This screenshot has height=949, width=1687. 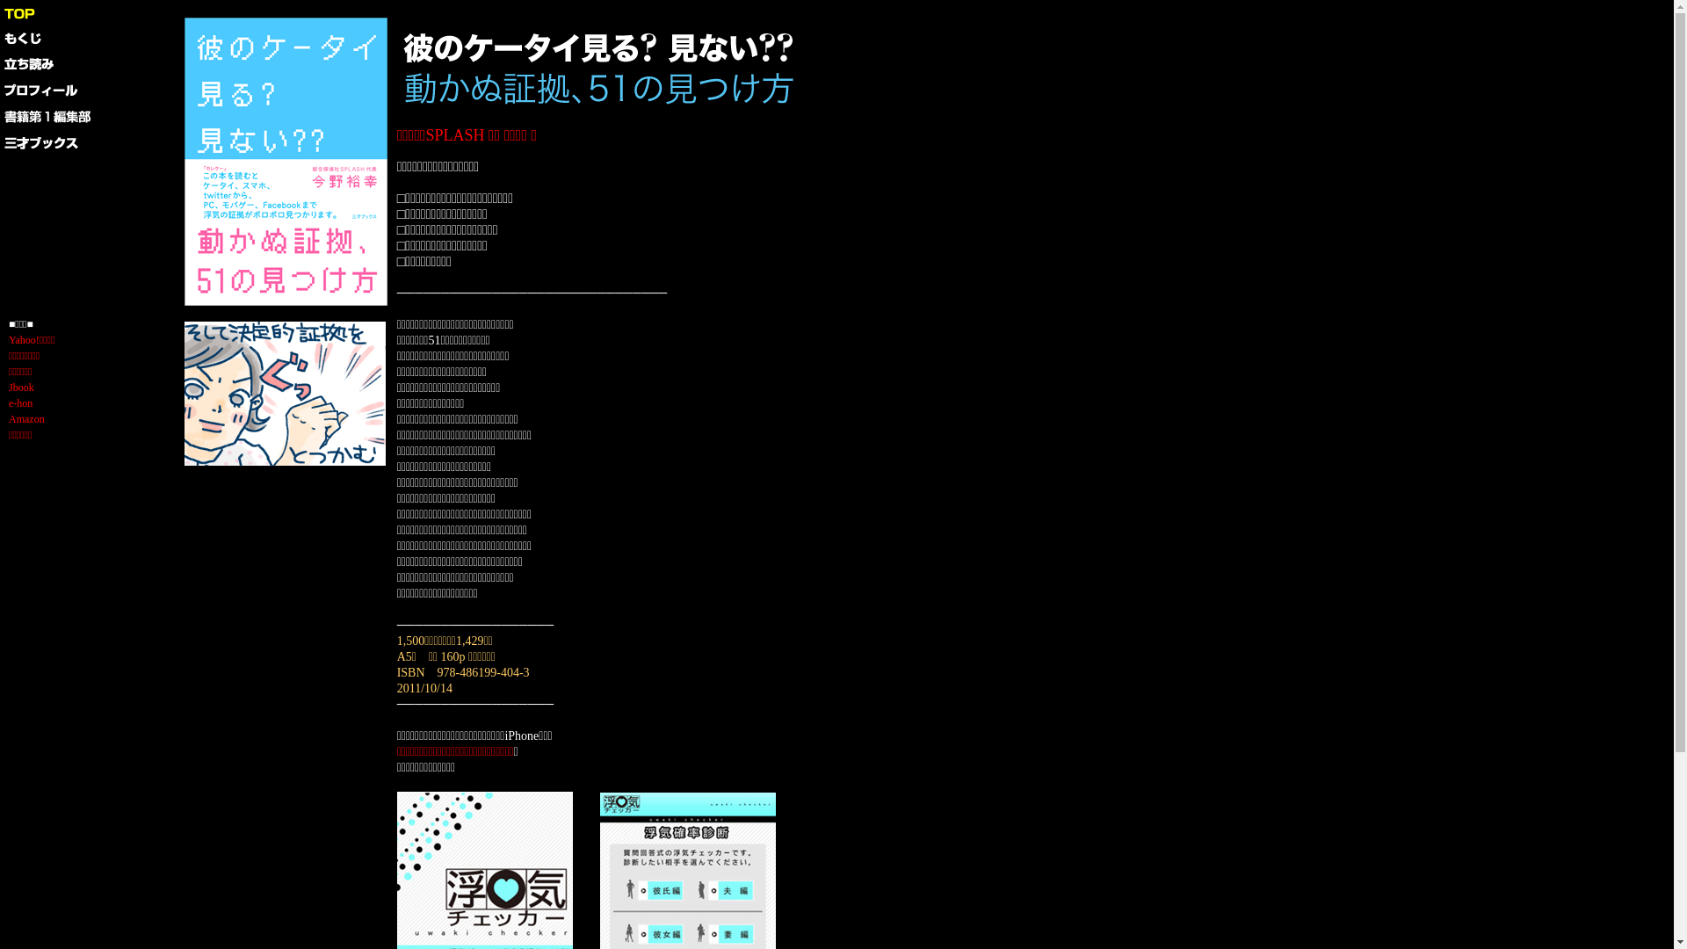 What do you see at coordinates (20, 403) in the screenshot?
I see `'e-hon'` at bounding box center [20, 403].